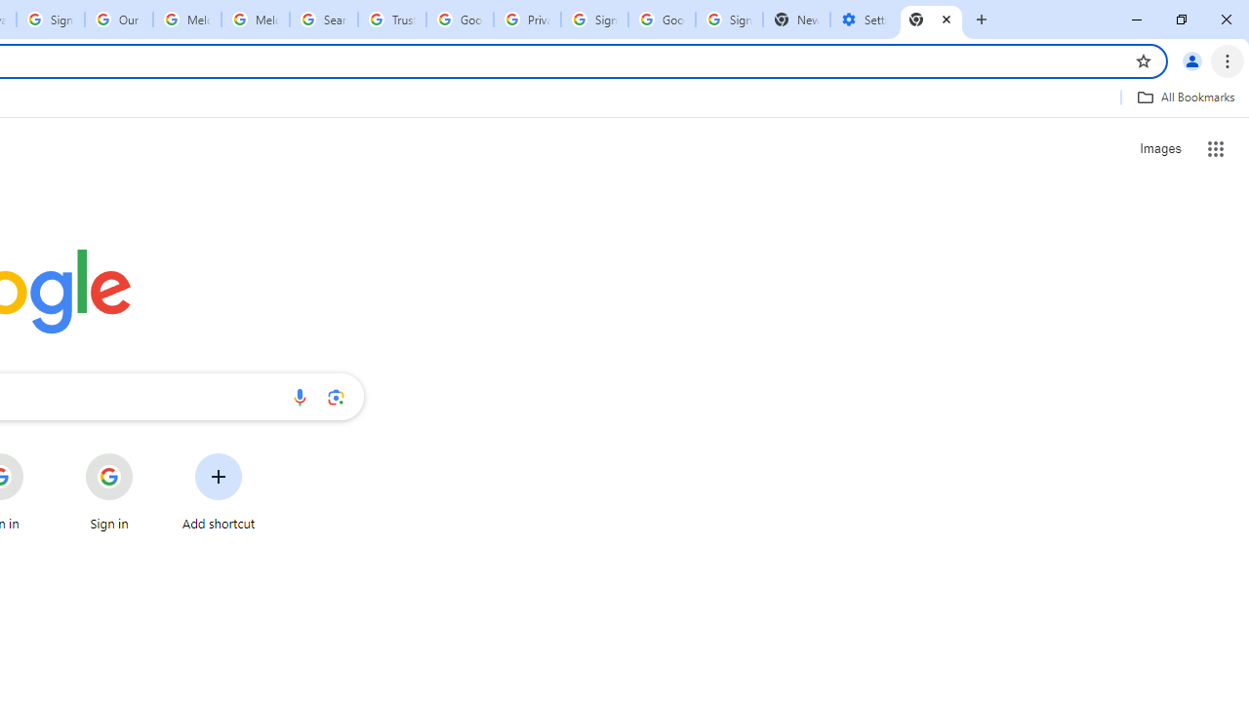 This screenshot has height=702, width=1249. Describe the element at coordinates (299, 396) in the screenshot. I see `'Search by voice'` at that location.